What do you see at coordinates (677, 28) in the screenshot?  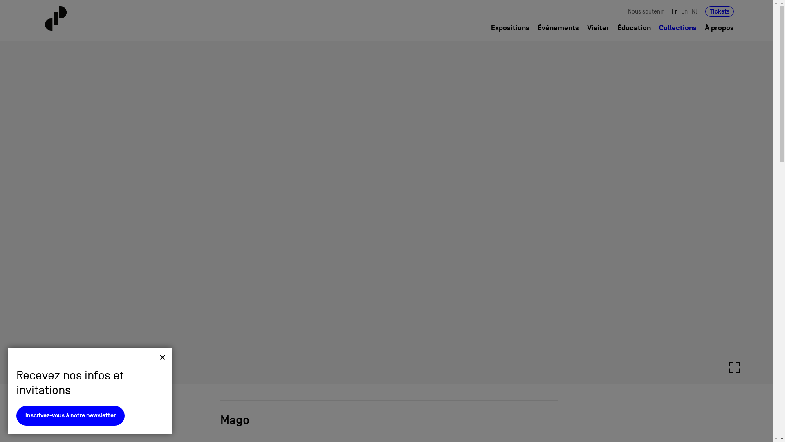 I see `'Collections'` at bounding box center [677, 28].